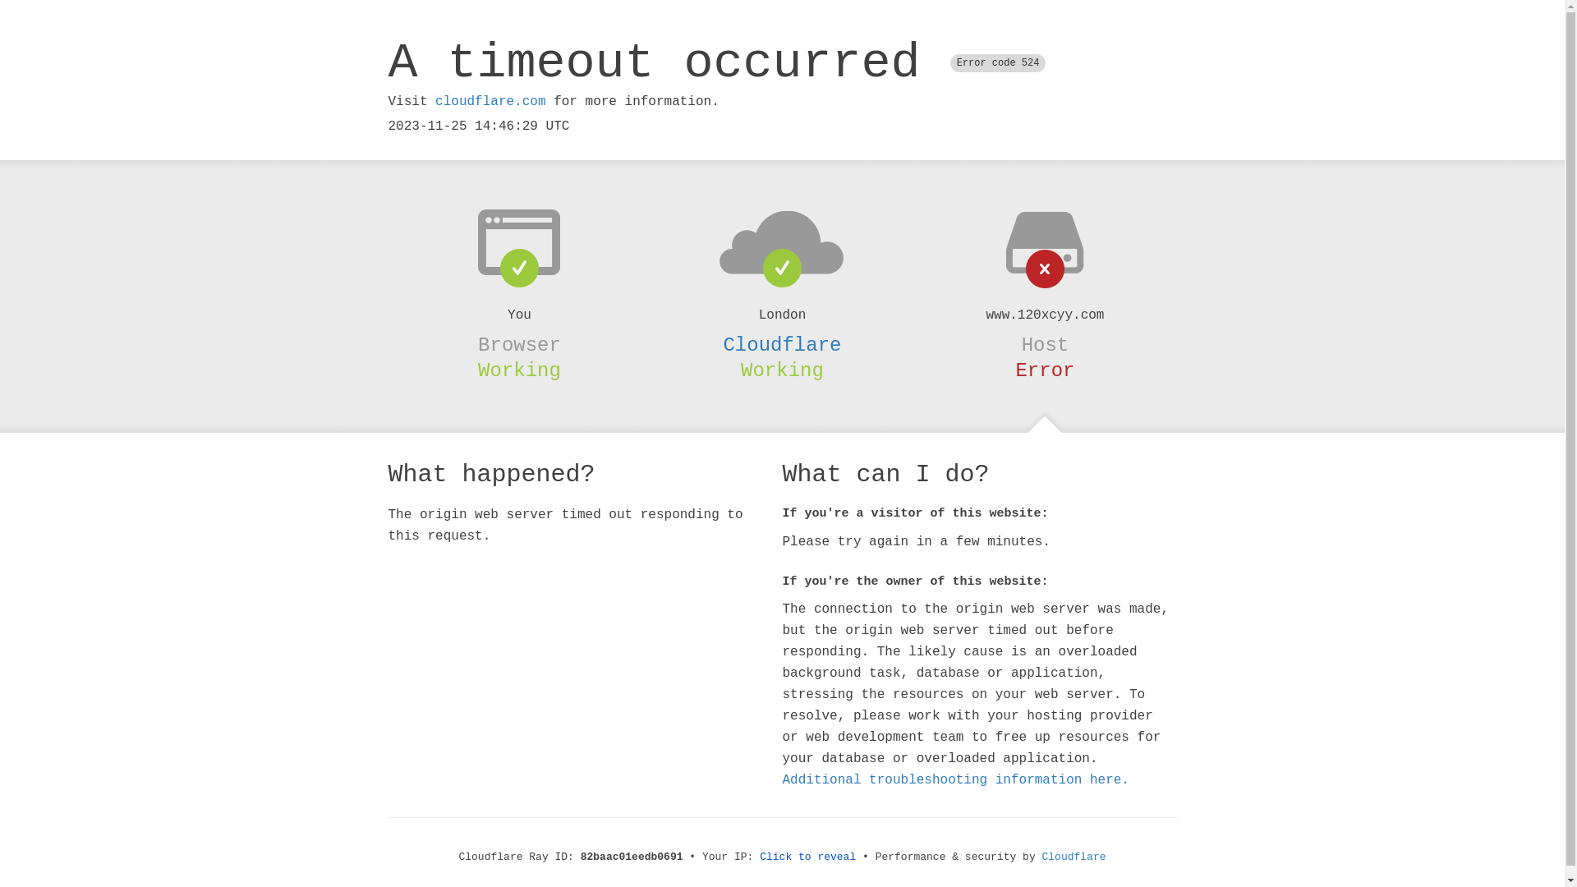  Describe the element at coordinates (780, 344) in the screenshot. I see `'Cloudflare'` at that location.